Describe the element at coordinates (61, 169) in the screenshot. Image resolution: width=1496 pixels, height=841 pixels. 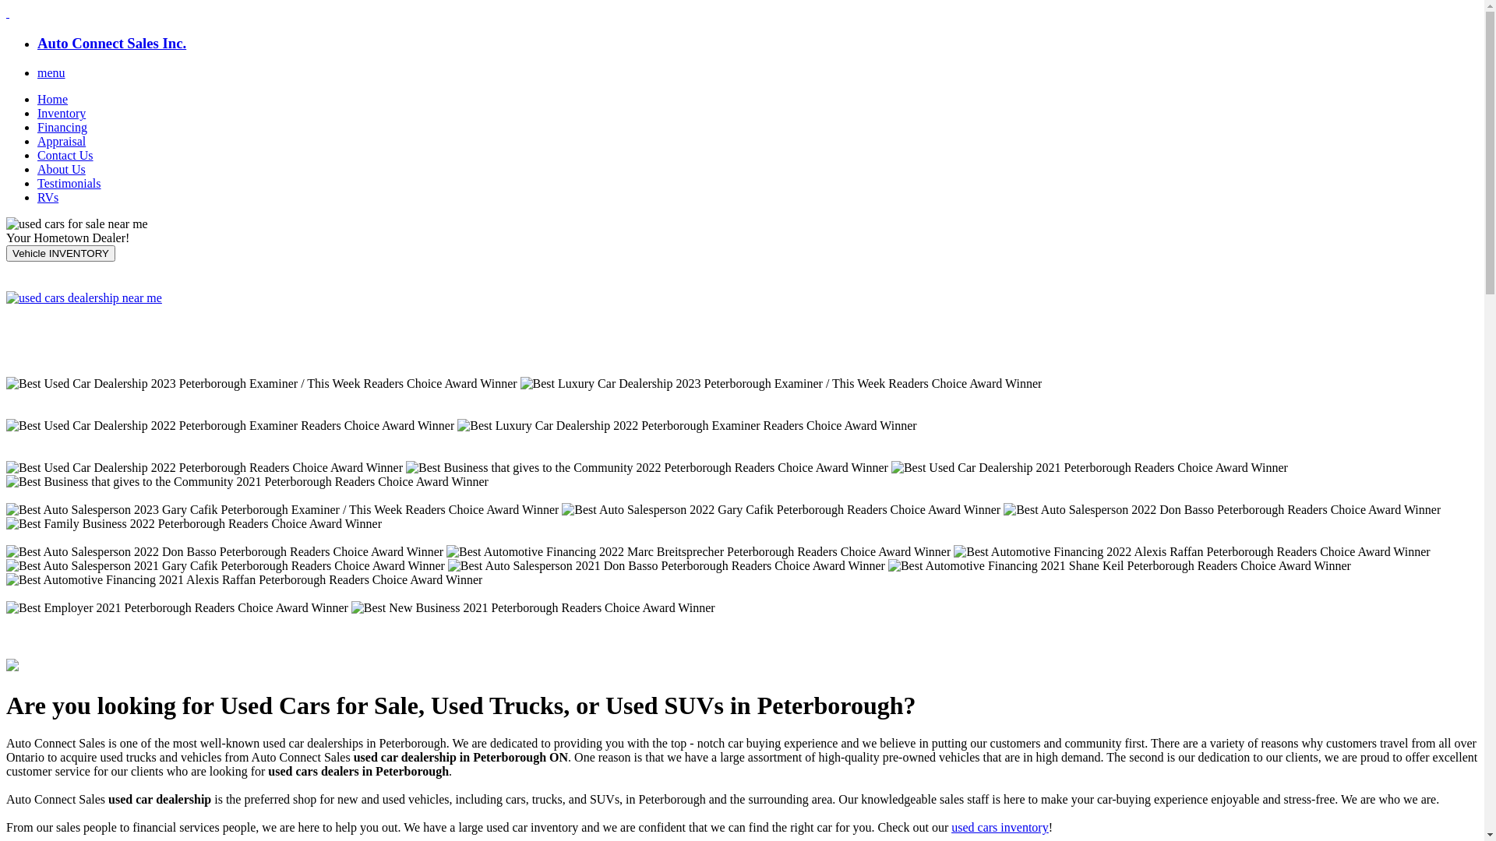
I see `'About Us'` at that location.